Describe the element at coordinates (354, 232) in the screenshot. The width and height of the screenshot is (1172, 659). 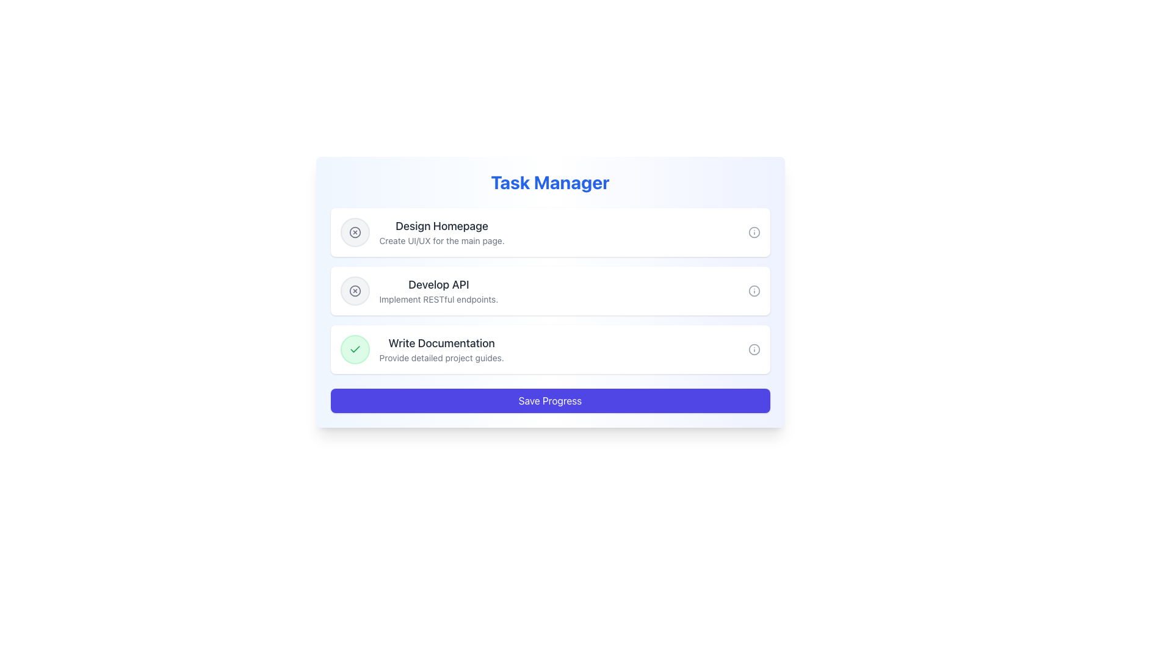
I see `the delete button located above the text 'Design Homepage' in the task manager interface` at that location.